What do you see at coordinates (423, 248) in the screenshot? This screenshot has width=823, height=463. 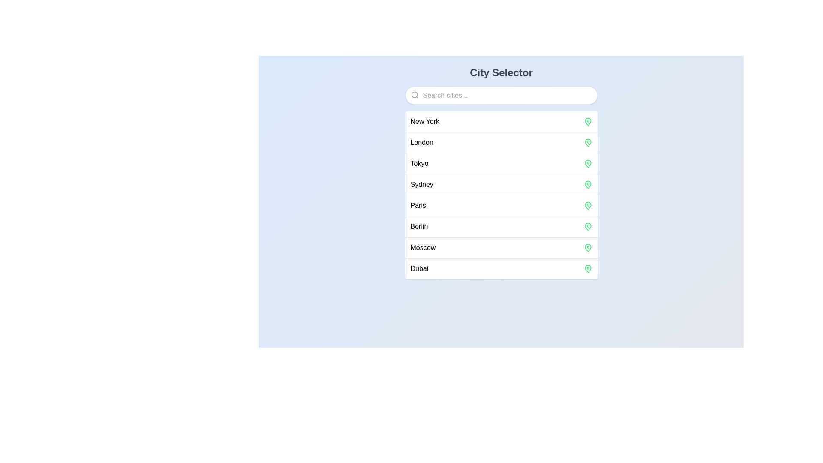 I see `the text label displaying 'Moscow' in the city selector dropdown menu, which is the seventh item in the list` at bounding box center [423, 248].